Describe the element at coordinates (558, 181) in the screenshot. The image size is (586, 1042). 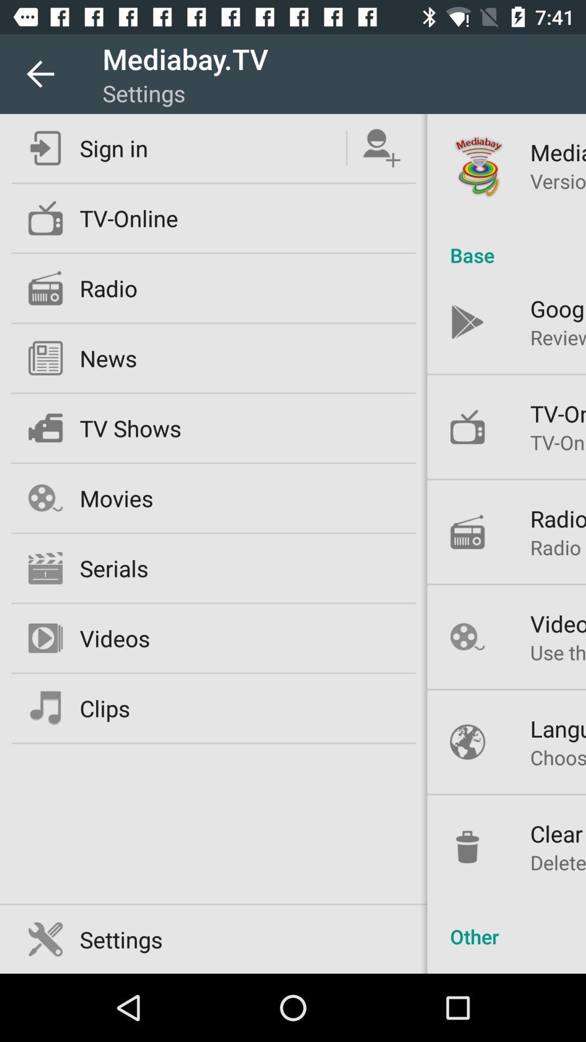
I see `the icon above the base item` at that location.